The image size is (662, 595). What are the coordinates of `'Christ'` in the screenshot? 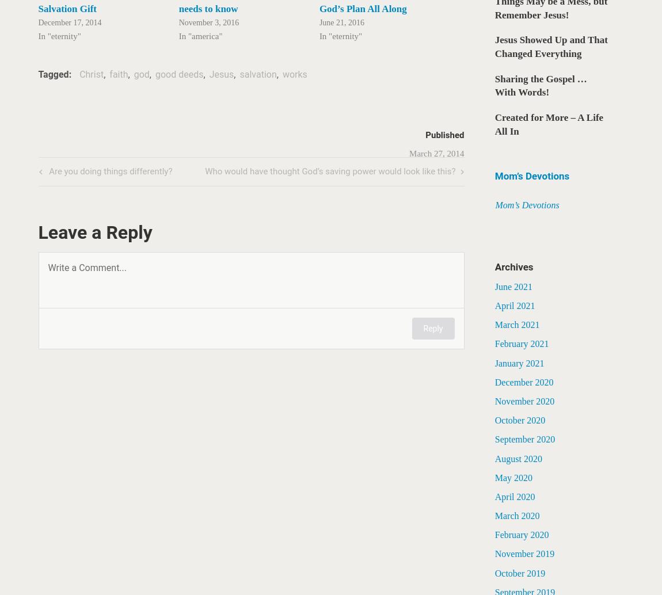 It's located at (91, 74).